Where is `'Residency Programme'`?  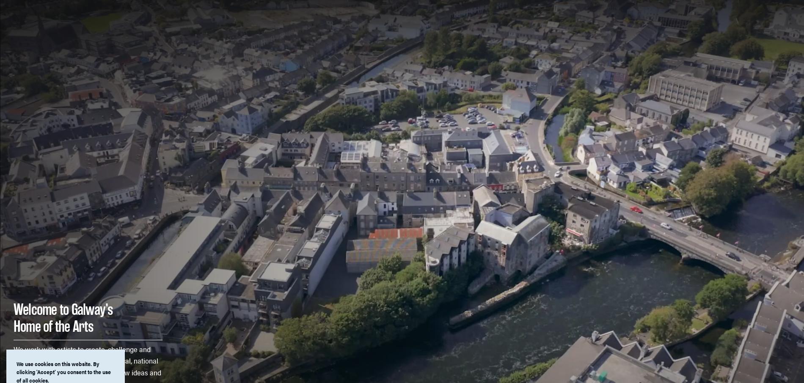
'Residency Programme' is located at coordinates (604, 24).